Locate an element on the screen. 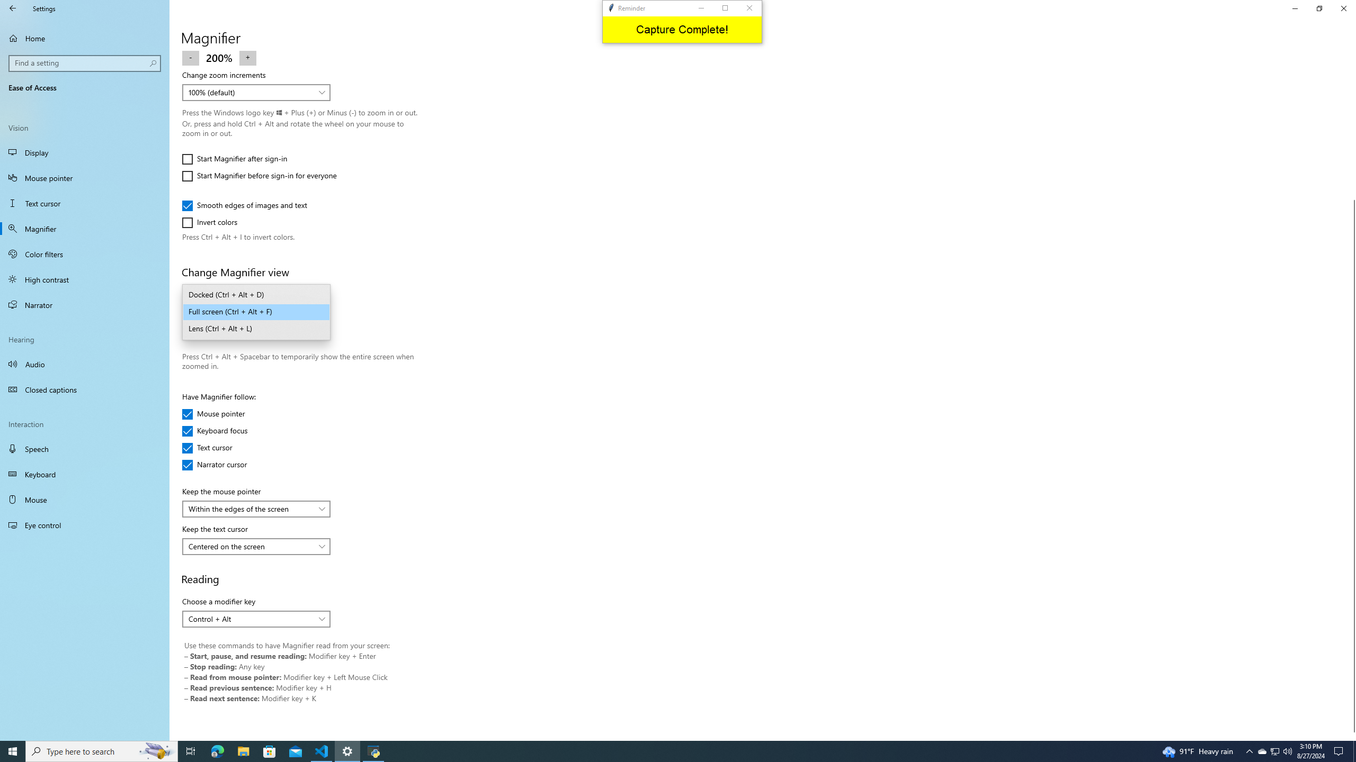  'Text cursor' is located at coordinates (213, 448).